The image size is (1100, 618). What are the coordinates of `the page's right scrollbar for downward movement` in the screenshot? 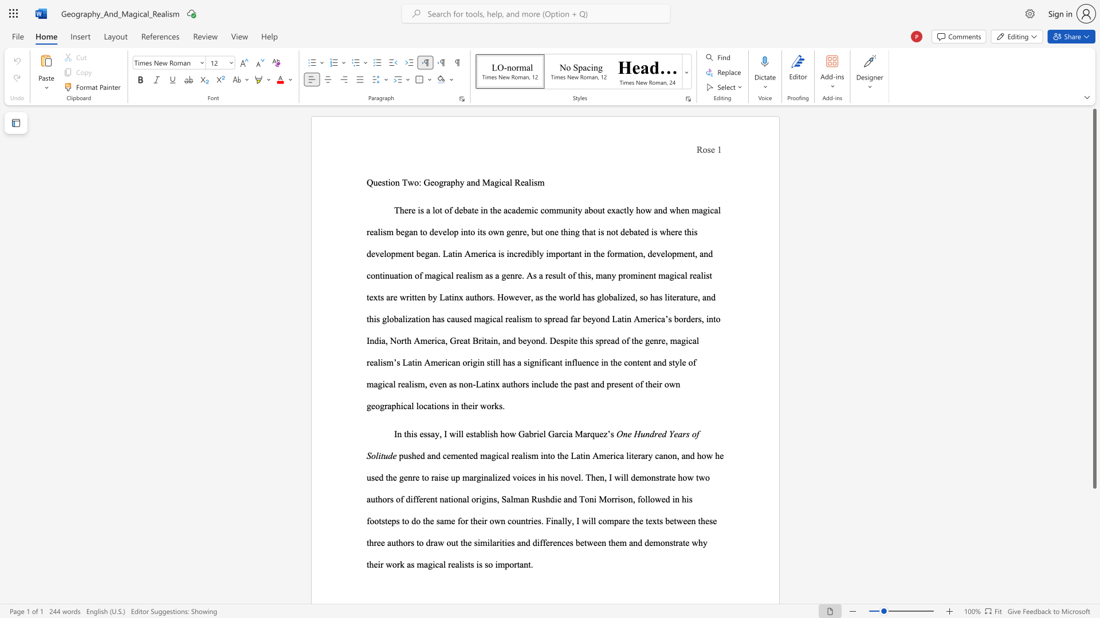 It's located at (1094, 538).